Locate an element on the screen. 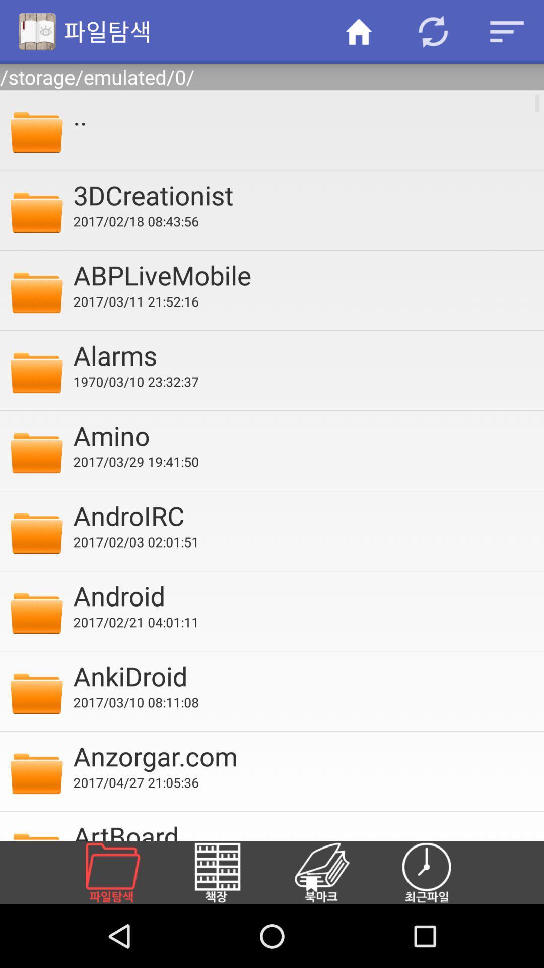  recent folders is located at coordinates (438, 872).